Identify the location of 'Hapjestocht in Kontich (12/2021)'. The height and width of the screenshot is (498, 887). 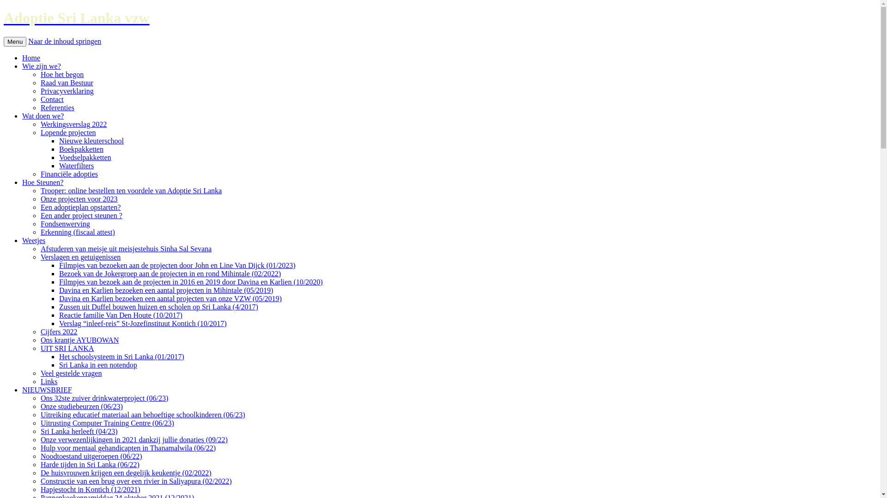
(91, 489).